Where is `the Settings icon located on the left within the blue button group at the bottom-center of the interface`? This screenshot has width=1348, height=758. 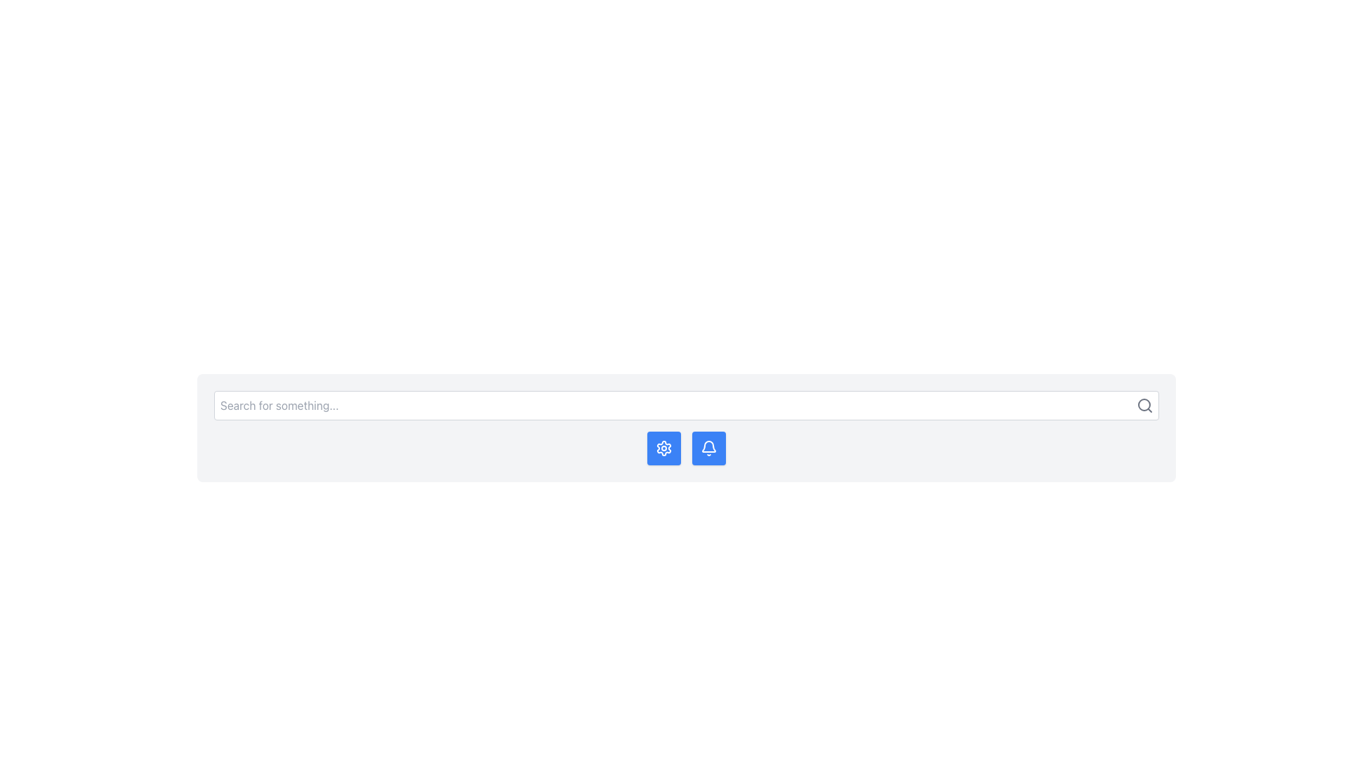 the Settings icon located on the left within the blue button group at the bottom-center of the interface is located at coordinates (663, 448).